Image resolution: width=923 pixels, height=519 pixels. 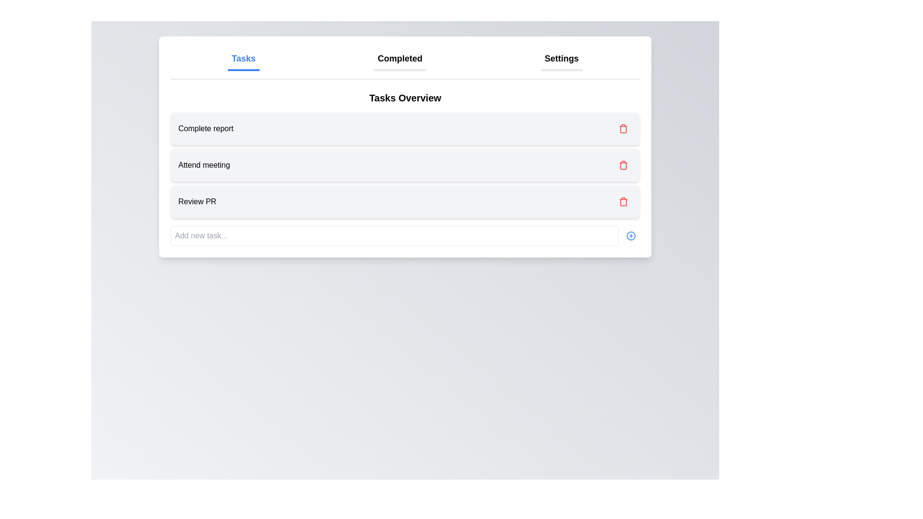 What do you see at coordinates (623, 201) in the screenshot?
I see `the third red trash can icon button` at bounding box center [623, 201].